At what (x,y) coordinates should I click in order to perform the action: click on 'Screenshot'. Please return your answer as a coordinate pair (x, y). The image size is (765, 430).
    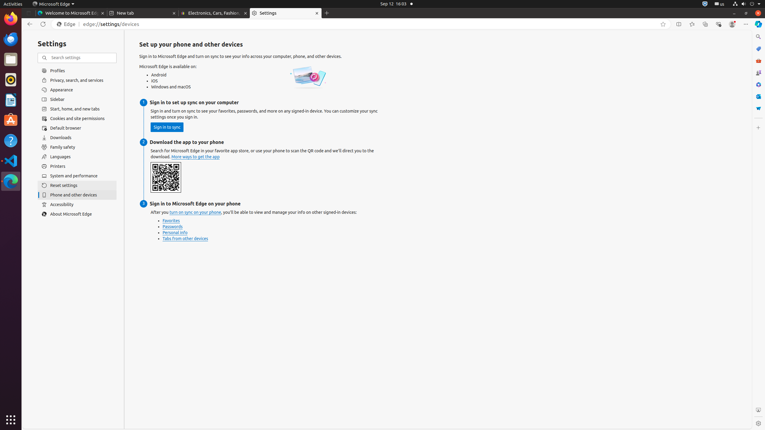
    Looking at the image, I should click on (758, 410).